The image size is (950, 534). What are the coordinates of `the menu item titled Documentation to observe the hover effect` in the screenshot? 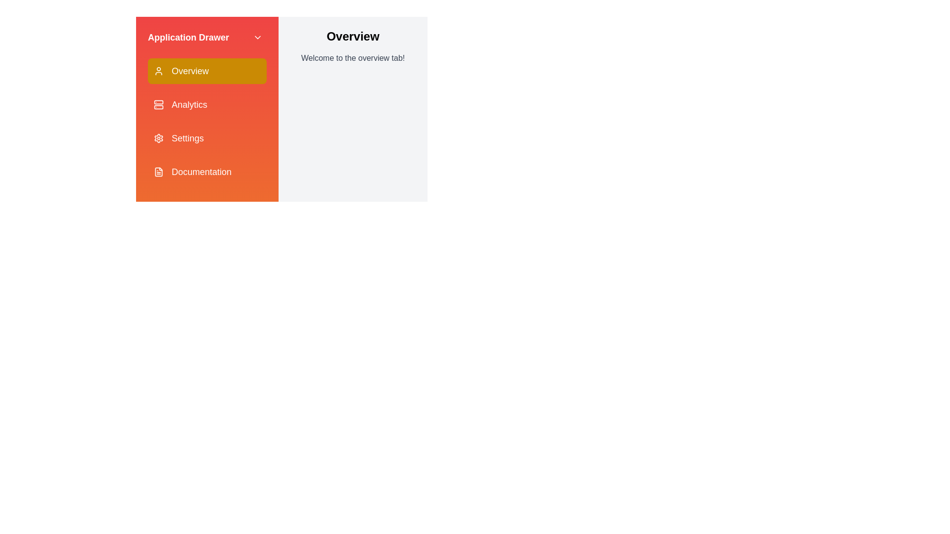 It's located at (206, 171).